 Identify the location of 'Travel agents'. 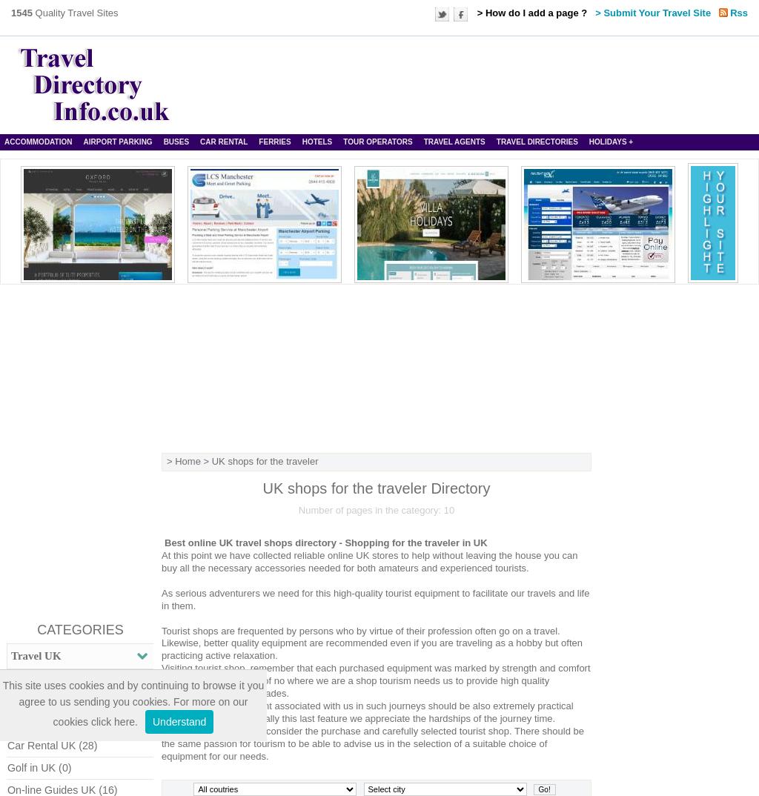
(454, 142).